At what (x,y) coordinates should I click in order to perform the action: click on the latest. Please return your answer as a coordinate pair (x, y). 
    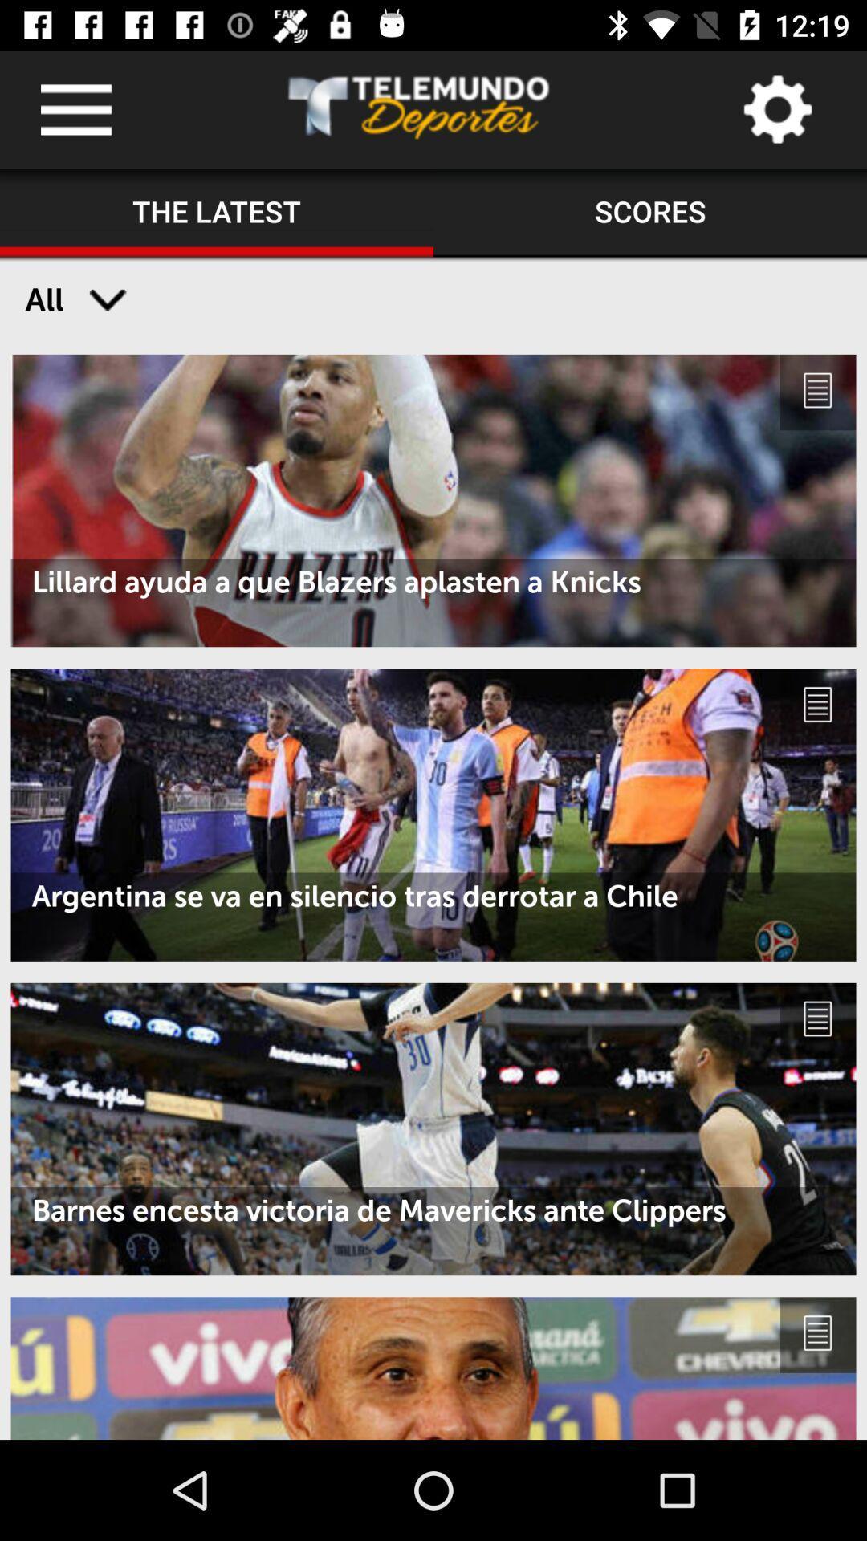
    Looking at the image, I should click on (217, 212).